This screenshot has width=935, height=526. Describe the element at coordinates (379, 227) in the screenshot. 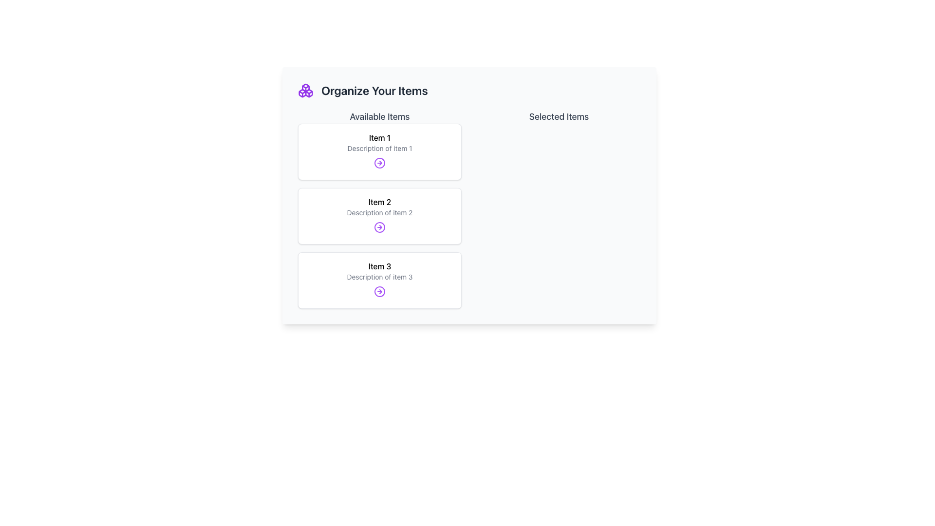

I see `the button located at the bottom of the second card in a vertical list of three cards` at that location.